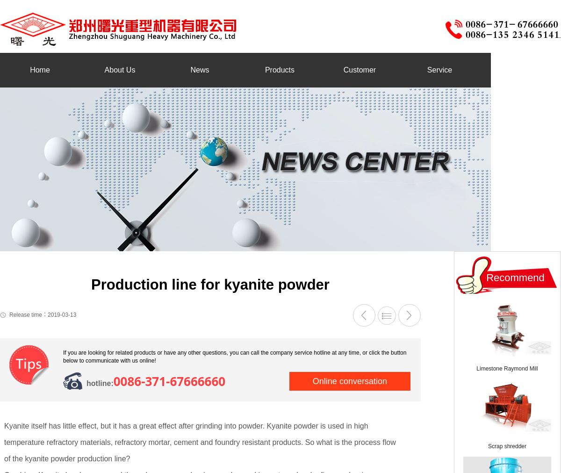 The image size is (561, 473). Describe the element at coordinates (43, 315) in the screenshot. I see `'Release time：2019-03-13'` at that location.